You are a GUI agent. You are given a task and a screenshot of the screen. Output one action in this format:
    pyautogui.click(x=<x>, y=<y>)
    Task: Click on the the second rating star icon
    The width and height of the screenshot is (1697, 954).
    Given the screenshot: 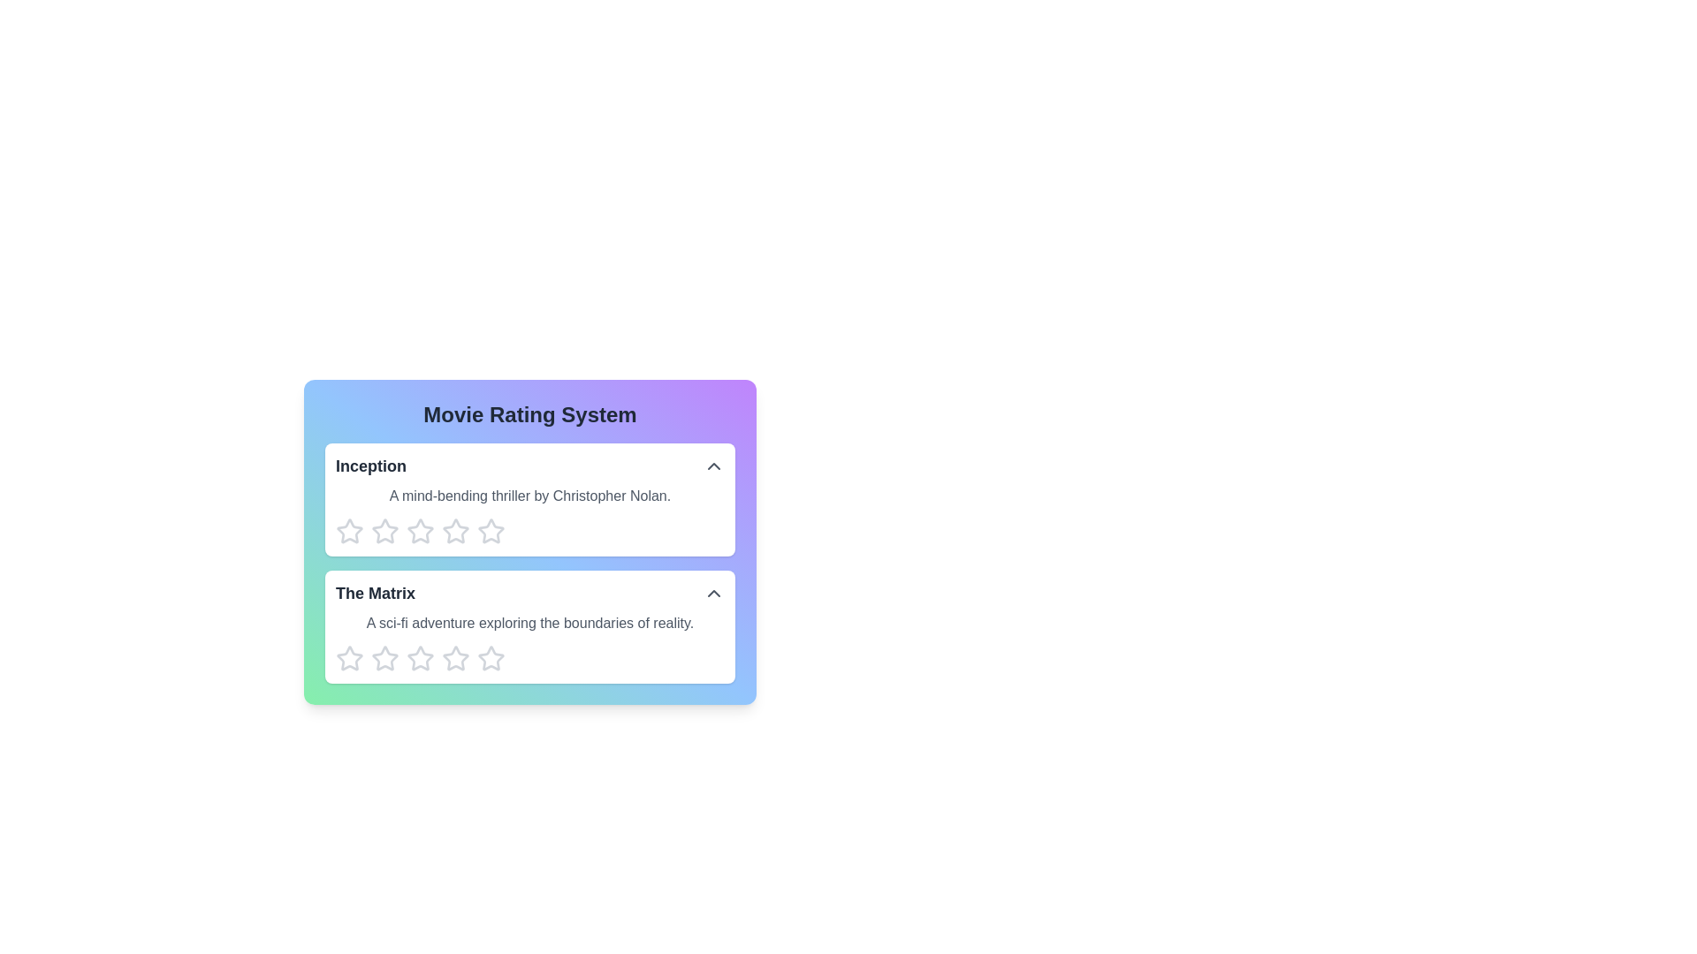 What is the action you would take?
    pyautogui.click(x=419, y=530)
    